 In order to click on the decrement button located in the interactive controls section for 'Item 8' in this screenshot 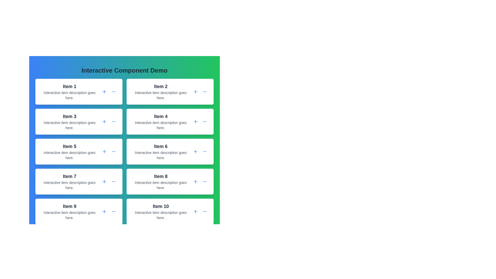, I will do `click(204, 181)`.